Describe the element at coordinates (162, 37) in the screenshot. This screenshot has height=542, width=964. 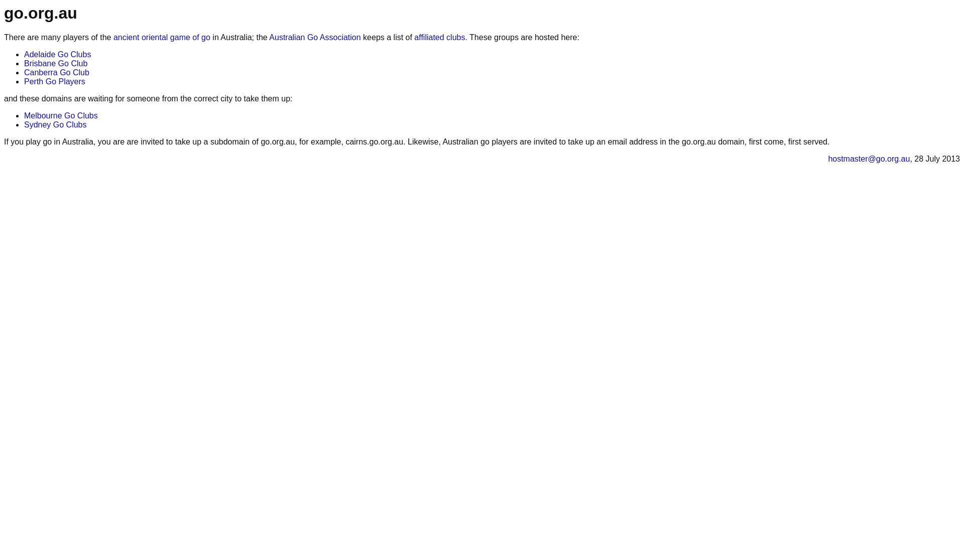
I see `'ancient oriental game of go'` at that location.